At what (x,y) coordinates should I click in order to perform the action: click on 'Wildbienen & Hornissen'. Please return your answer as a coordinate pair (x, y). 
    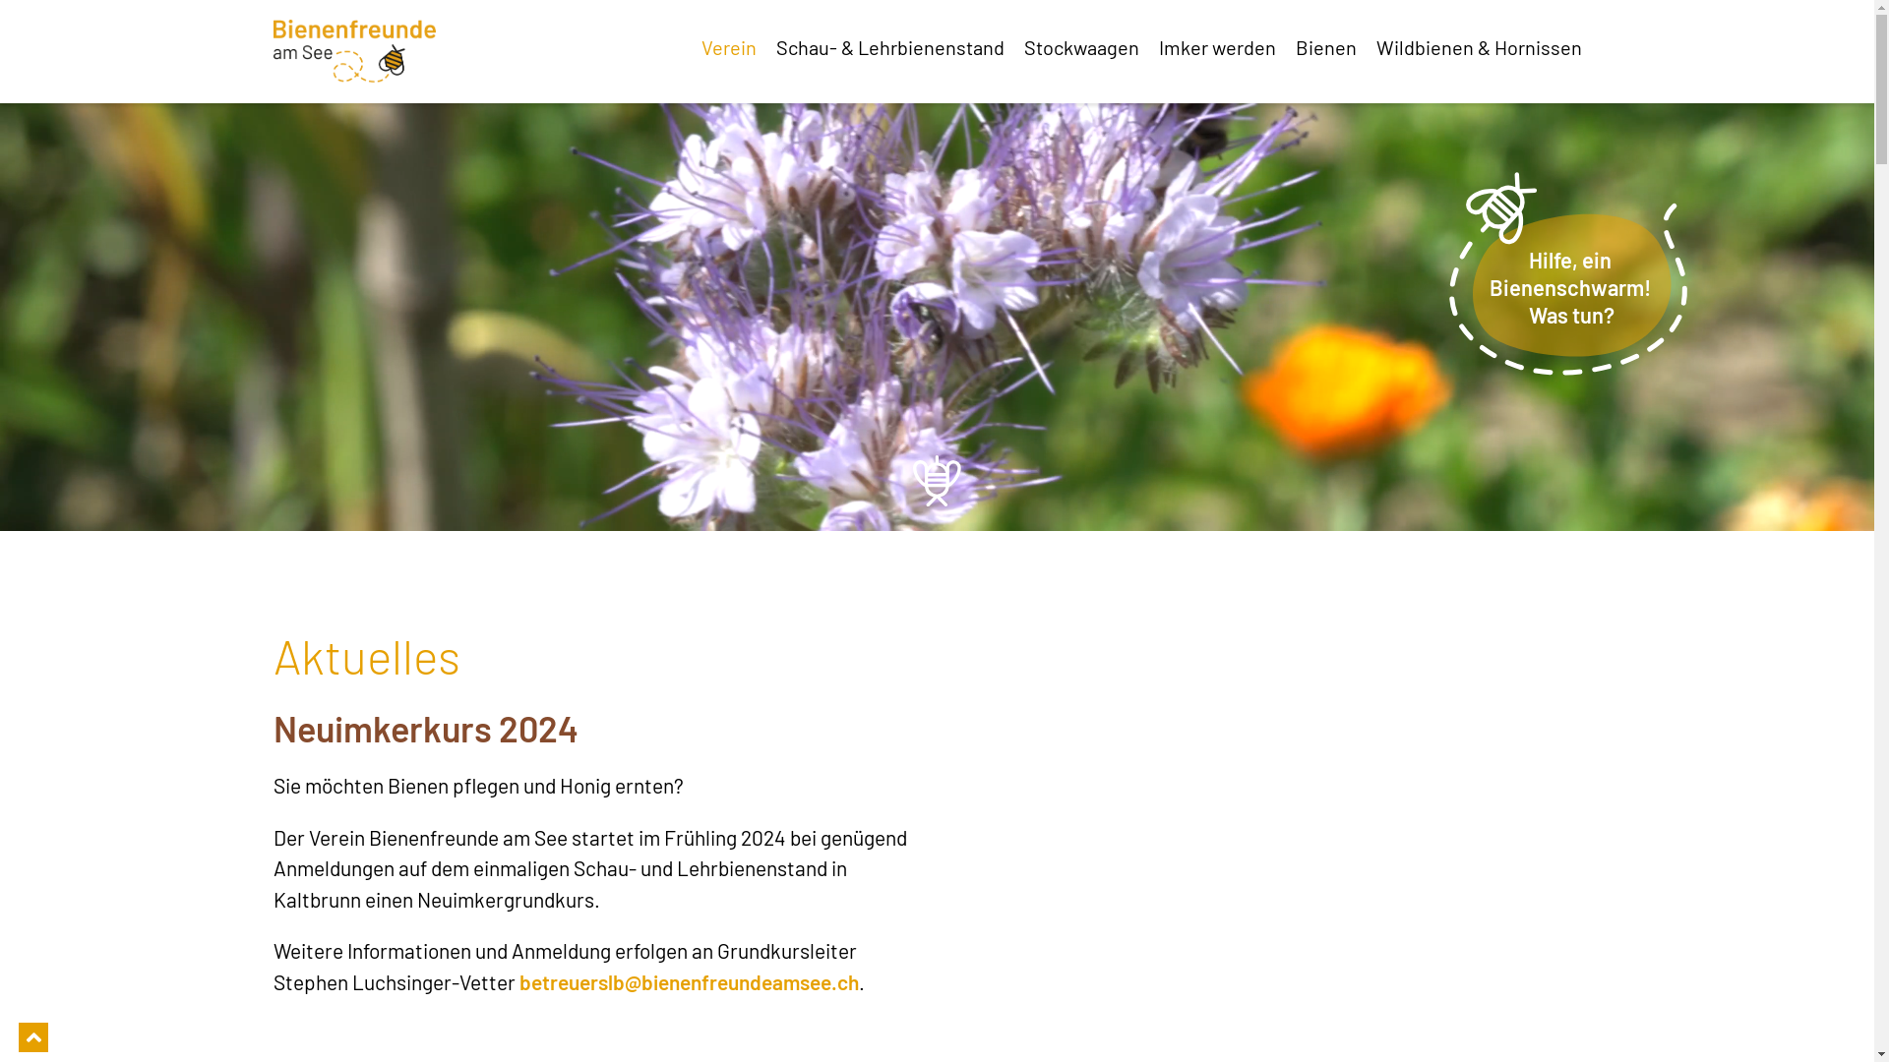
    Looking at the image, I should click on (1488, 45).